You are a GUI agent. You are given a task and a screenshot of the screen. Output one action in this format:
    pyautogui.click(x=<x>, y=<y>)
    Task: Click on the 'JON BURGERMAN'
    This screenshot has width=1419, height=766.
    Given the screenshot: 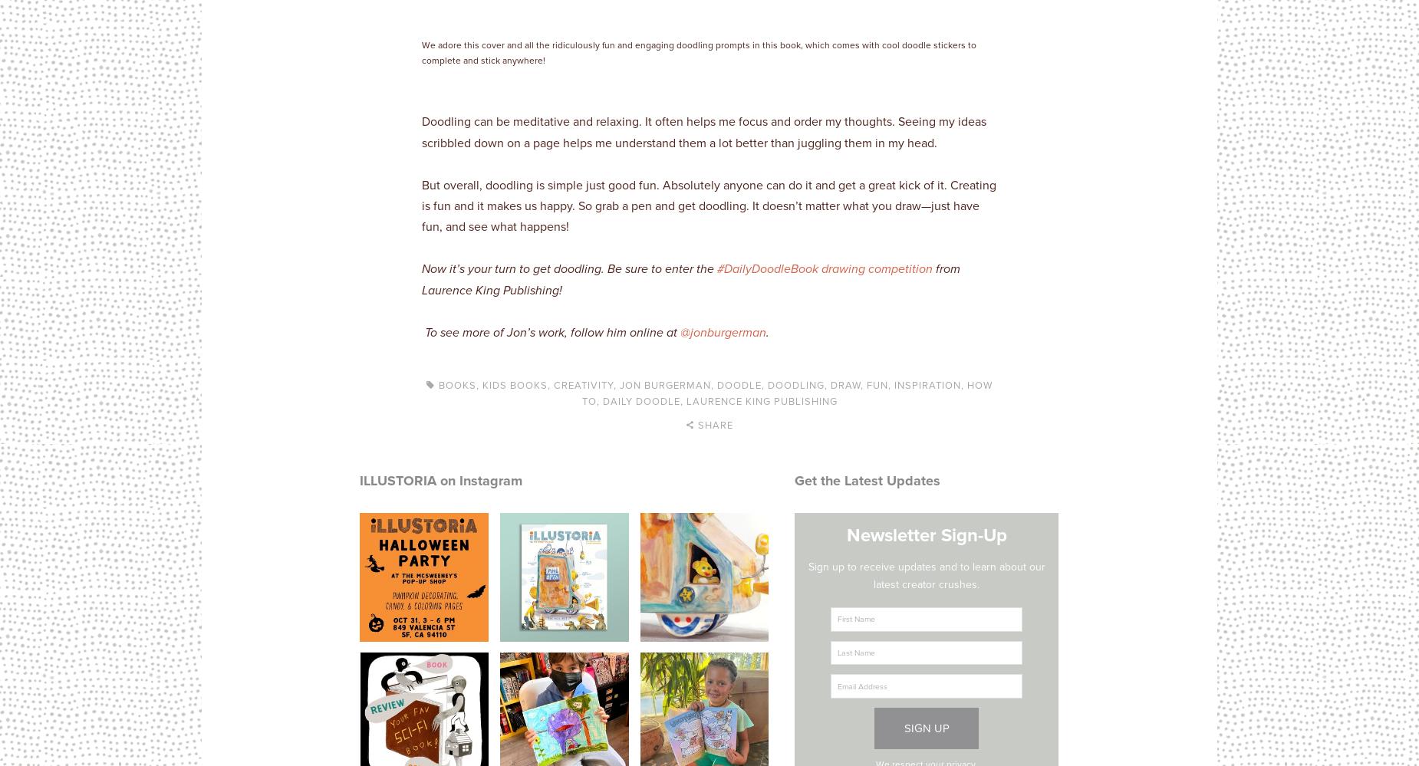 What is the action you would take?
    pyautogui.click(x=620, y=383)
    